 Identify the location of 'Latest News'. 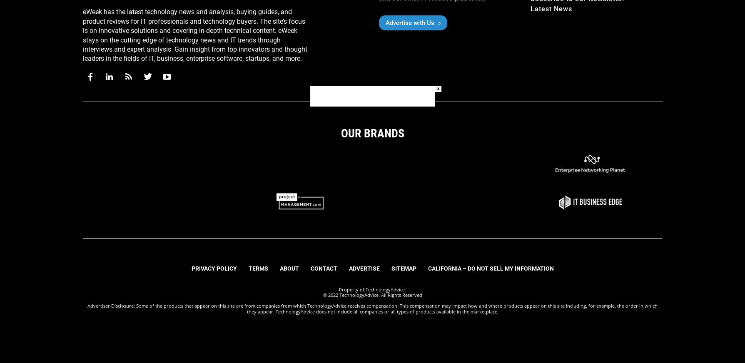
(530, 8).